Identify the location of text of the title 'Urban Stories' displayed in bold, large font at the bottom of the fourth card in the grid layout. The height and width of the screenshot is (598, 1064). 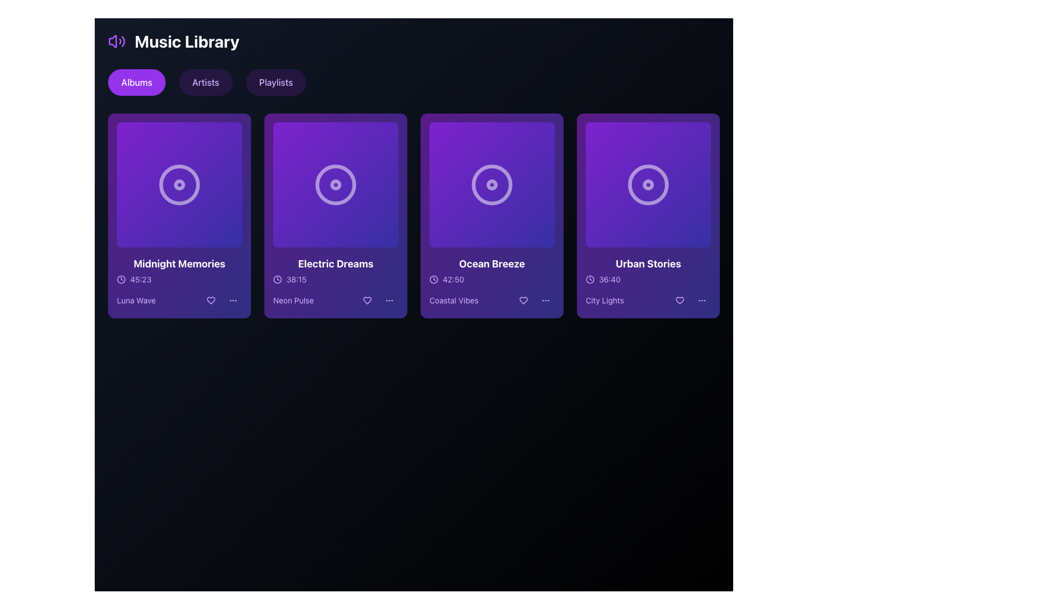
(648, 264).